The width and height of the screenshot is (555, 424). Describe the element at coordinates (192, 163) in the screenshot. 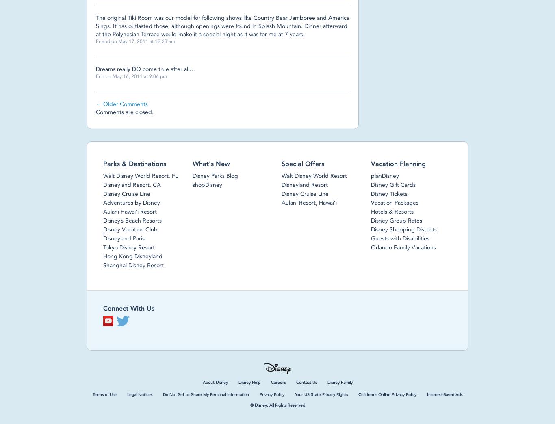

I see `'What's New'` at that location.